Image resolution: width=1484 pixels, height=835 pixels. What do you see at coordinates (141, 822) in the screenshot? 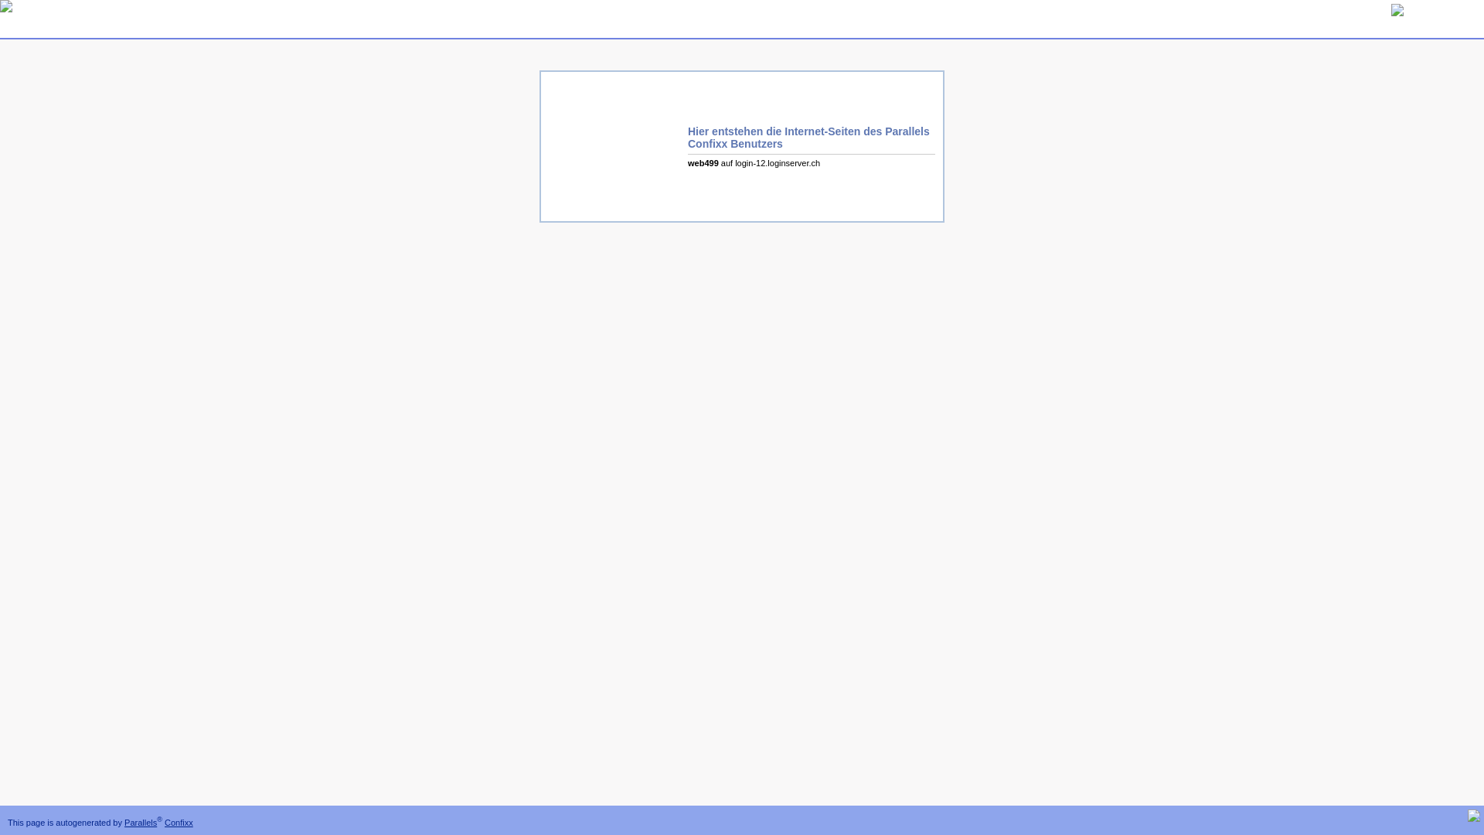
I see `'Parallels'` at bounding box center [141, 822].